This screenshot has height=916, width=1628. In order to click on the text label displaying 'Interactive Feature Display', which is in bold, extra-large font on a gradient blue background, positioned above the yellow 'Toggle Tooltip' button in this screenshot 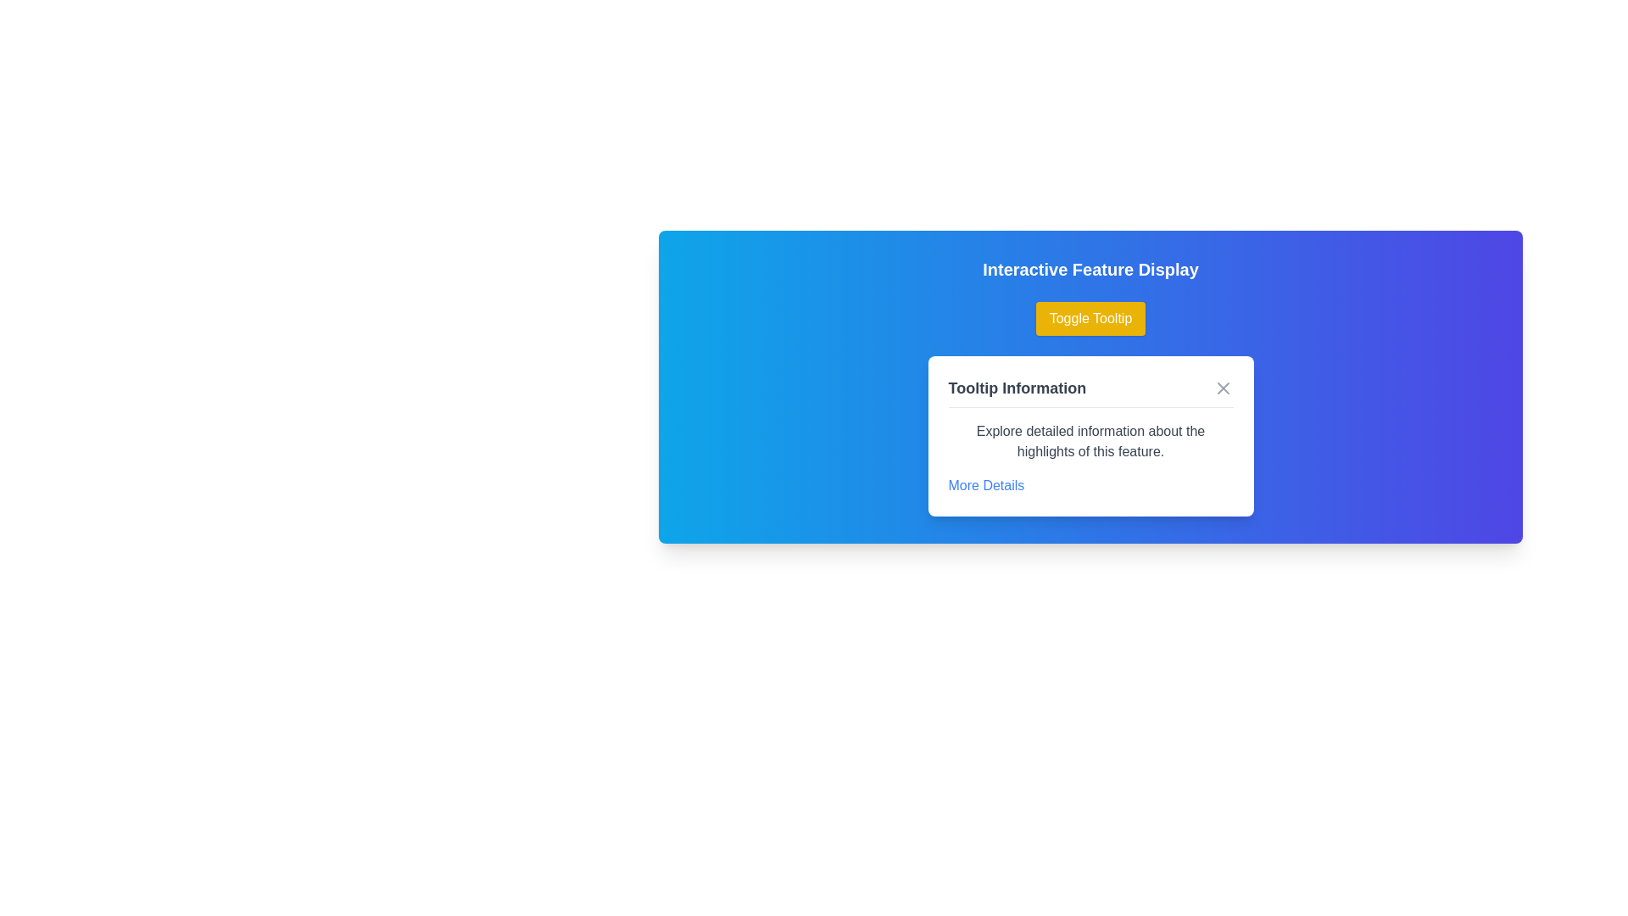, I will do `click(1090, 268)`.